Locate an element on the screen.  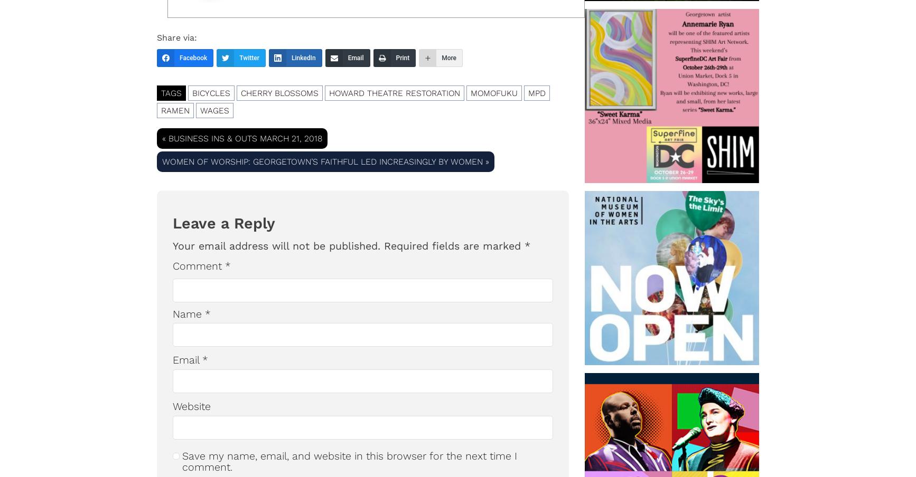
'Print' is located at coordinates (401, 58).